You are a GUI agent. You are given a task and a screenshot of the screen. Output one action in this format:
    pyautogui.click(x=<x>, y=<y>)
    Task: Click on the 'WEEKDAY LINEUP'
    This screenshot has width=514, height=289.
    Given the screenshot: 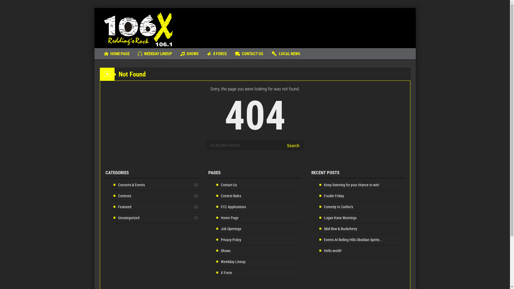 What is the action you would take?
    pyautogui.click(x=134, y=54)
    